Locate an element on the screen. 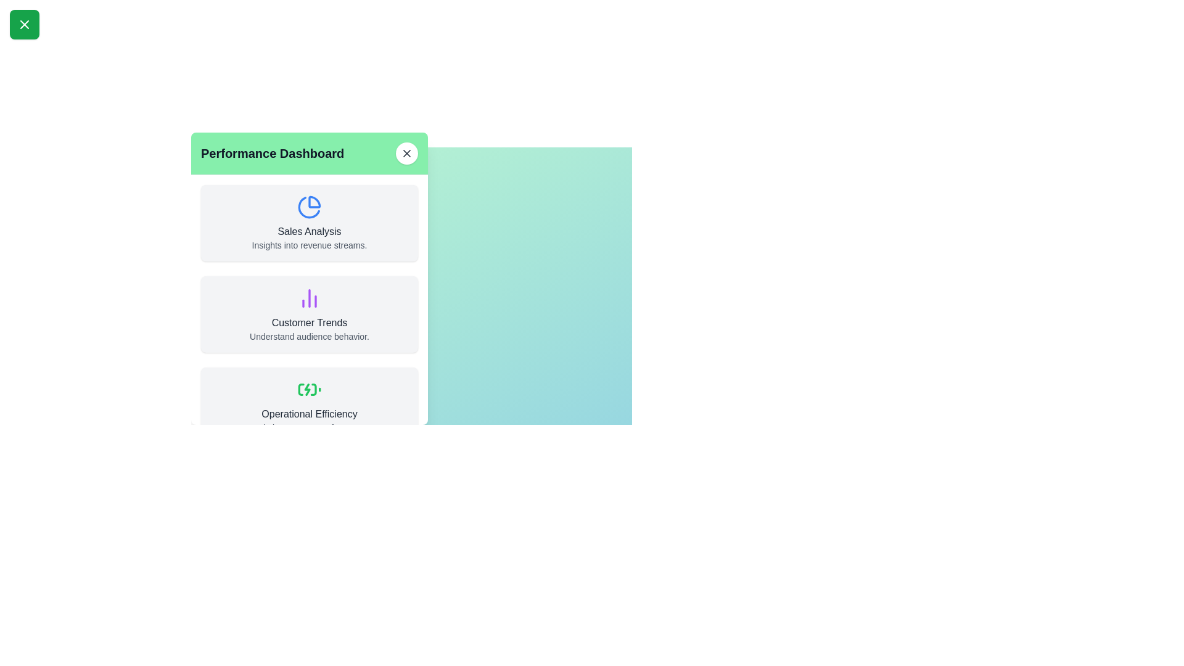 The width and height of the screenshot is (1184, 666). the Close button with an 'X' icon located inside the green notification box is located at coordinates (24, 24).